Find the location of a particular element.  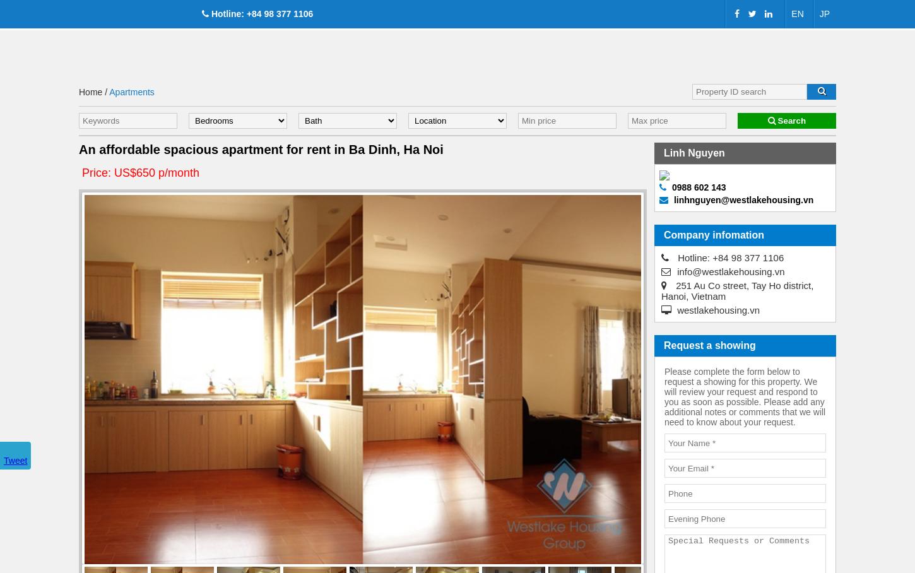

'Linh Nguyen' is located at coordinates (693, 152).